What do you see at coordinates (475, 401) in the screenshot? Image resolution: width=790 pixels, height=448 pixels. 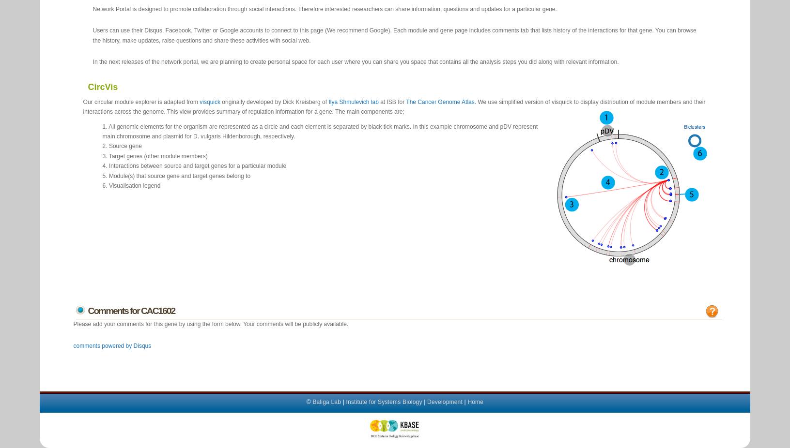 I see `'Home'` at bounding box center [475, 401].